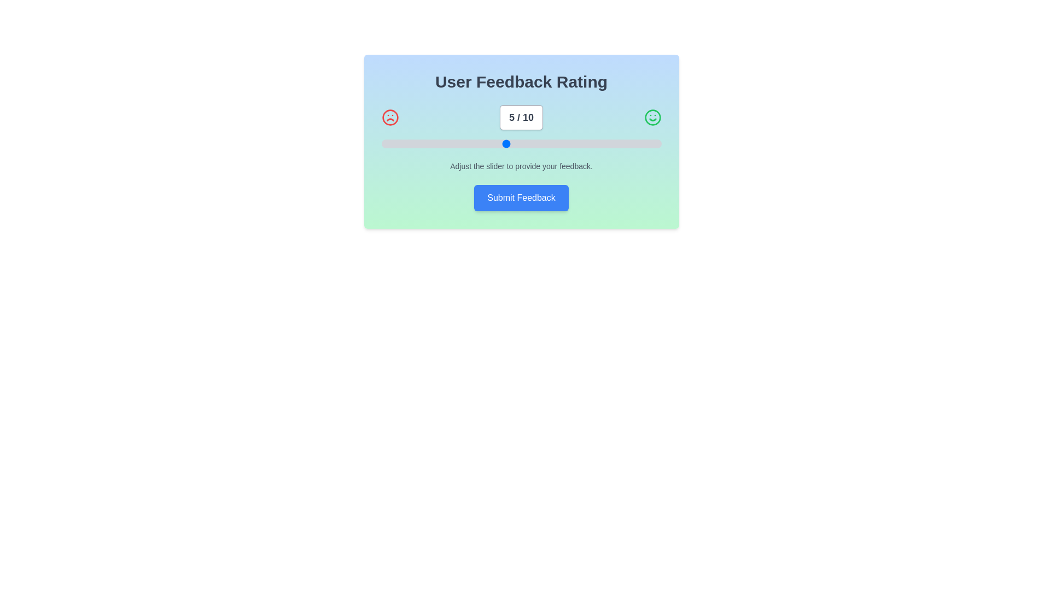 The image size is (1050, 591). I want to click on submit feedback button, so click(521, 198).